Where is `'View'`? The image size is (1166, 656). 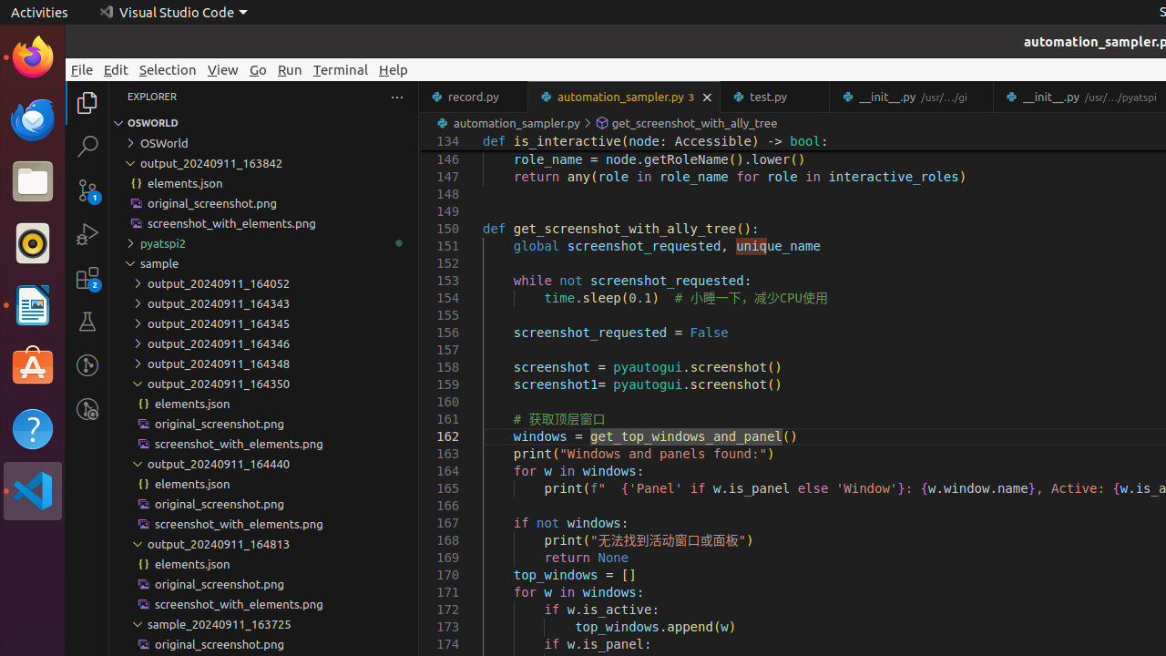 'View' is located at coordinates (221, 68).